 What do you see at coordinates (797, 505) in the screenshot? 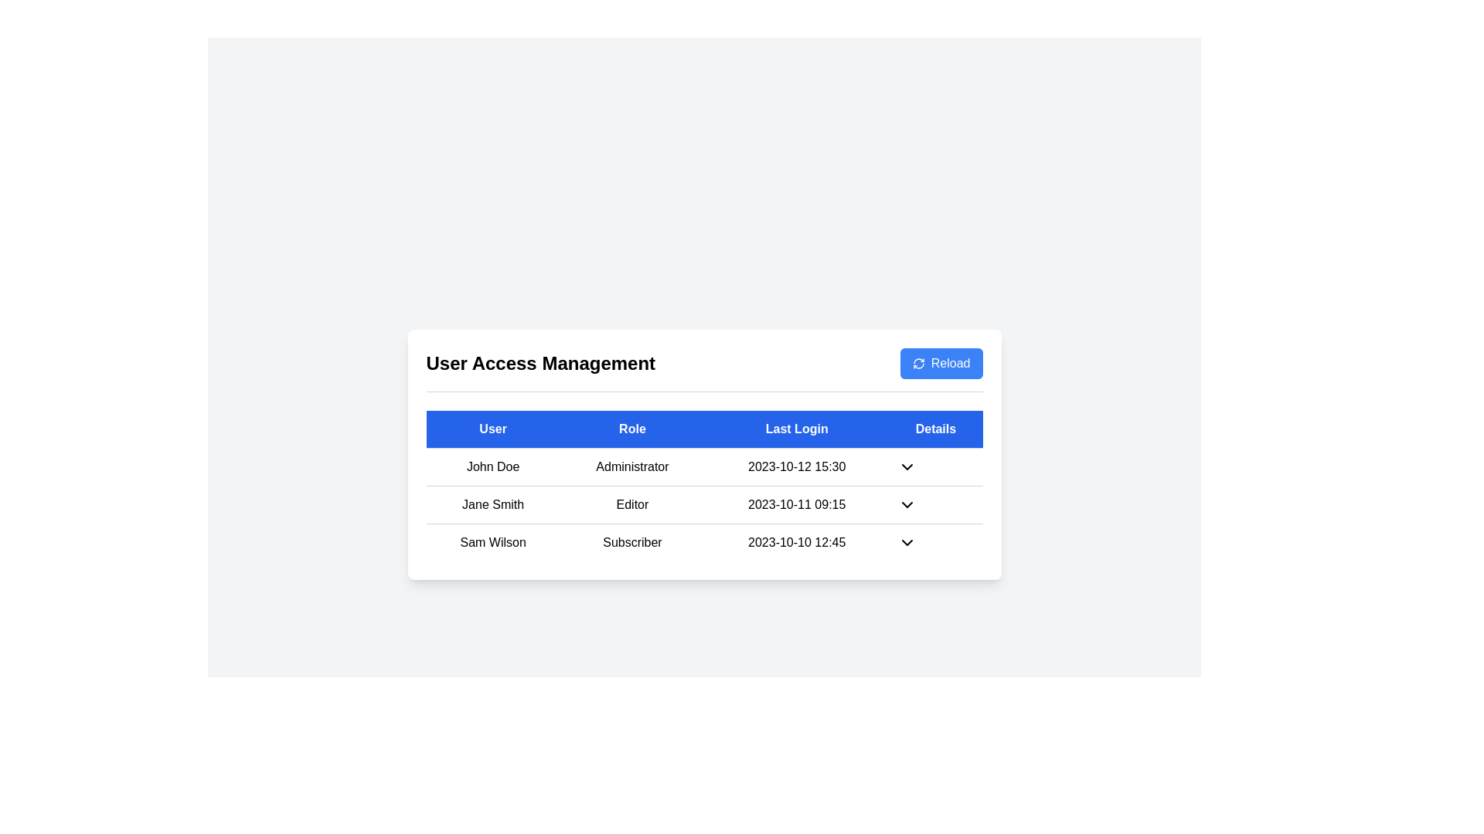
I see `the text displaying the last login date and time for the user 'Jane Smith' in the 'User Access Management' table, specifically located in the 'Last Login' column` at bounding box center [797, 505].